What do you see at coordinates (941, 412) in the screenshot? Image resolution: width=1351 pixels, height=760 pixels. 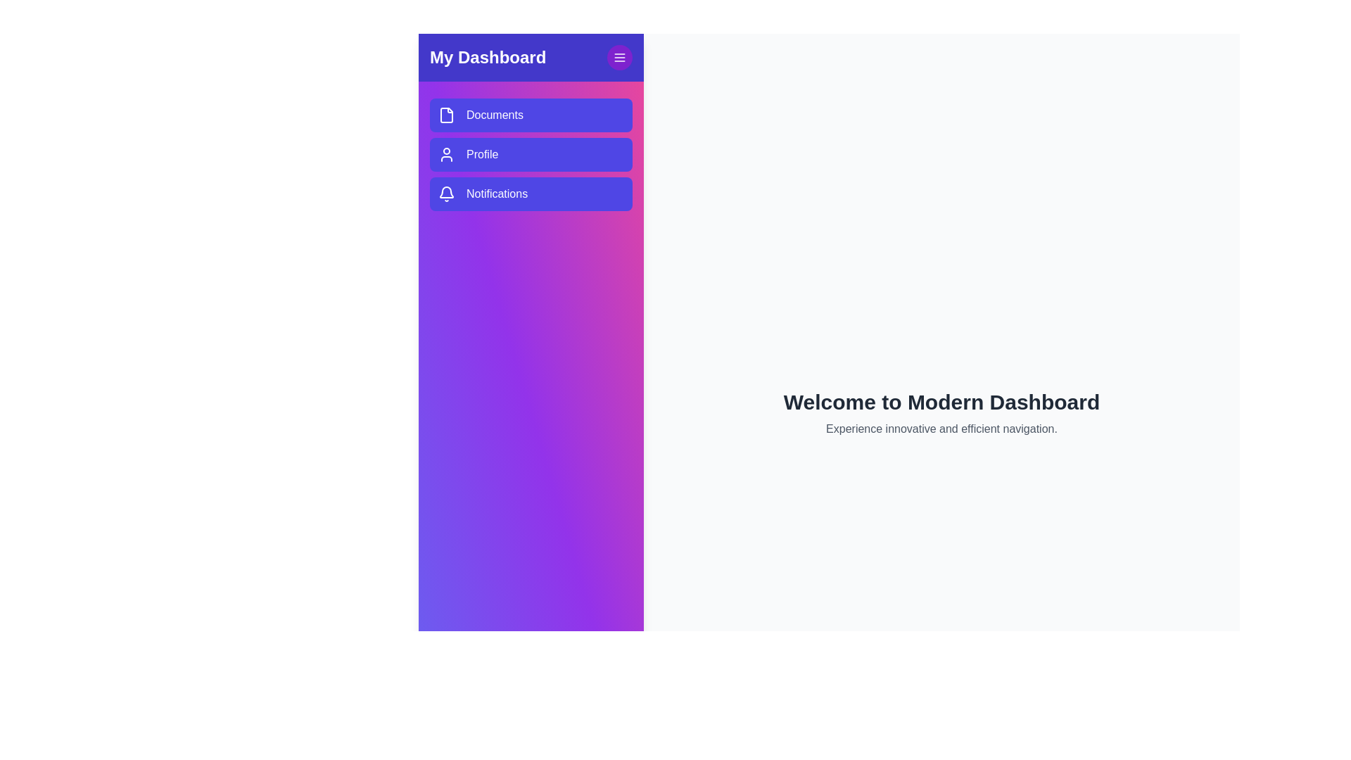 I see `the welcome text and description to read them` at bounding box center [941, 412].